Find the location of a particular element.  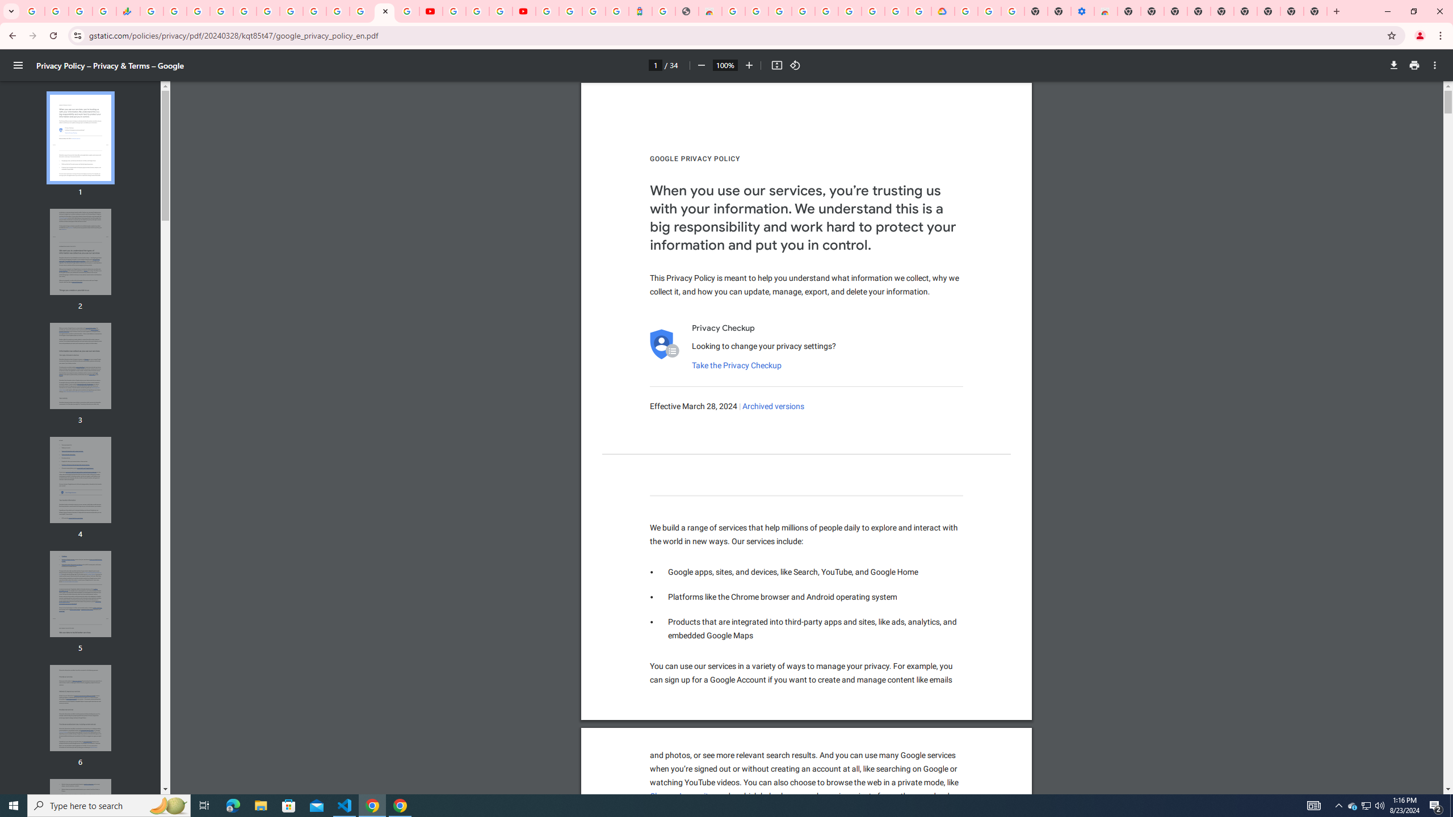

'Archived versions' is located at coordinates (773, 406).